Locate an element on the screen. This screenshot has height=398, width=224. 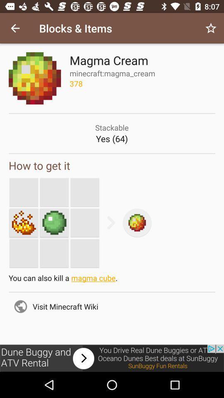
item next to blocks & items icon is located at coordinates (15, 28).